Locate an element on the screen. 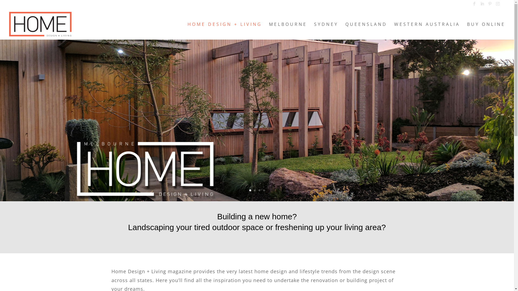 The height and width of the screenshot is (291, 518). 'QUEENSLAND' is located at coordinates (366, 31).